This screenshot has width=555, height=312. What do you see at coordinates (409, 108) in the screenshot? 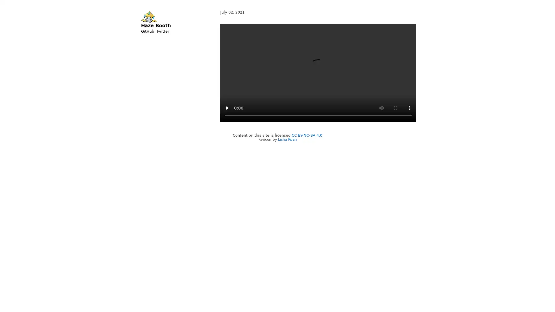
I see `show more media controls` at bounding box center [409, 108].